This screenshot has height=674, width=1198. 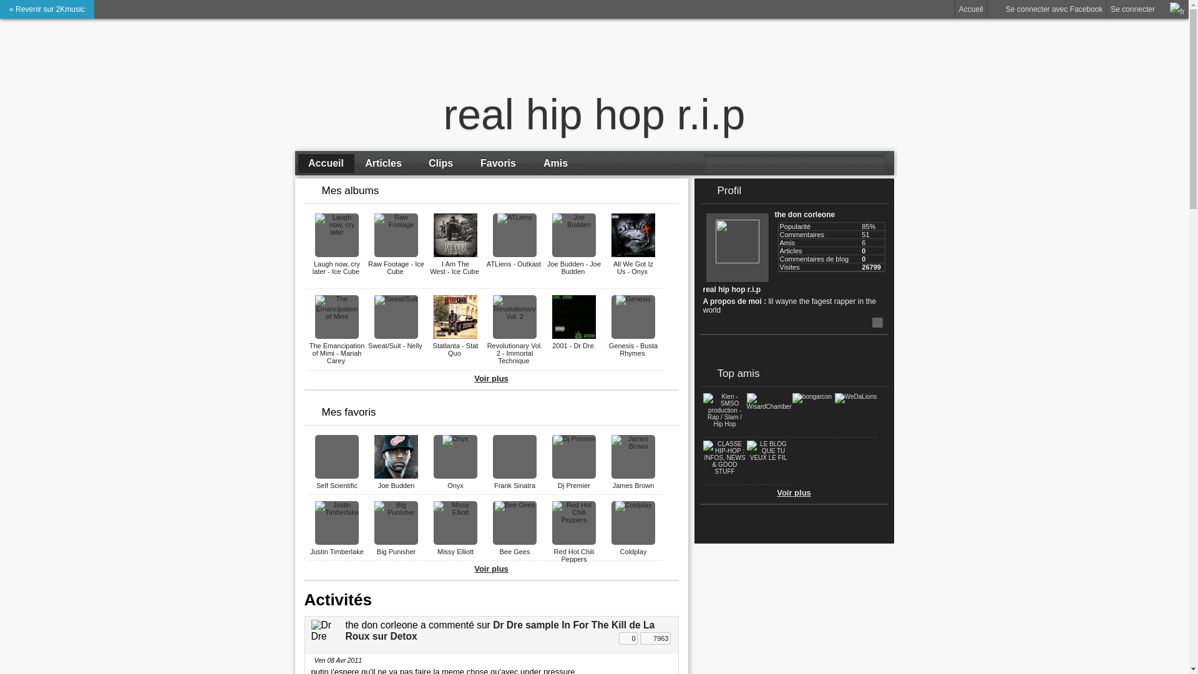 What do you see at coordinates (633, 349) in the screenshot?
I see `'Genesis - Busta Rhymes '` at bounding box center [633, 349].